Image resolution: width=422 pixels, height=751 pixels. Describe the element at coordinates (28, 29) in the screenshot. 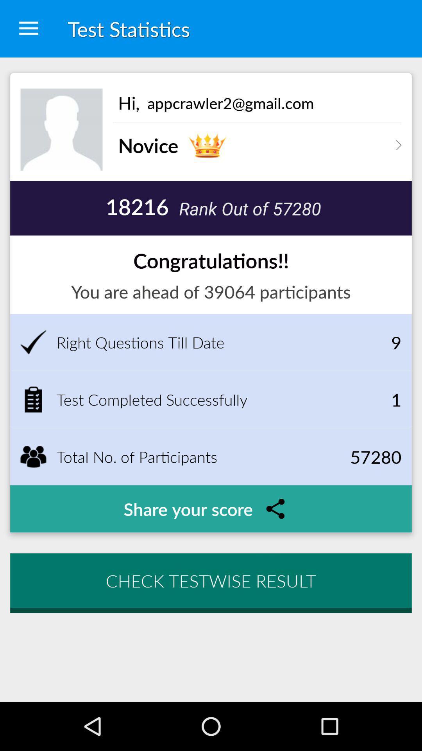

I see `the item to the left of the test statistics icon` at that location.